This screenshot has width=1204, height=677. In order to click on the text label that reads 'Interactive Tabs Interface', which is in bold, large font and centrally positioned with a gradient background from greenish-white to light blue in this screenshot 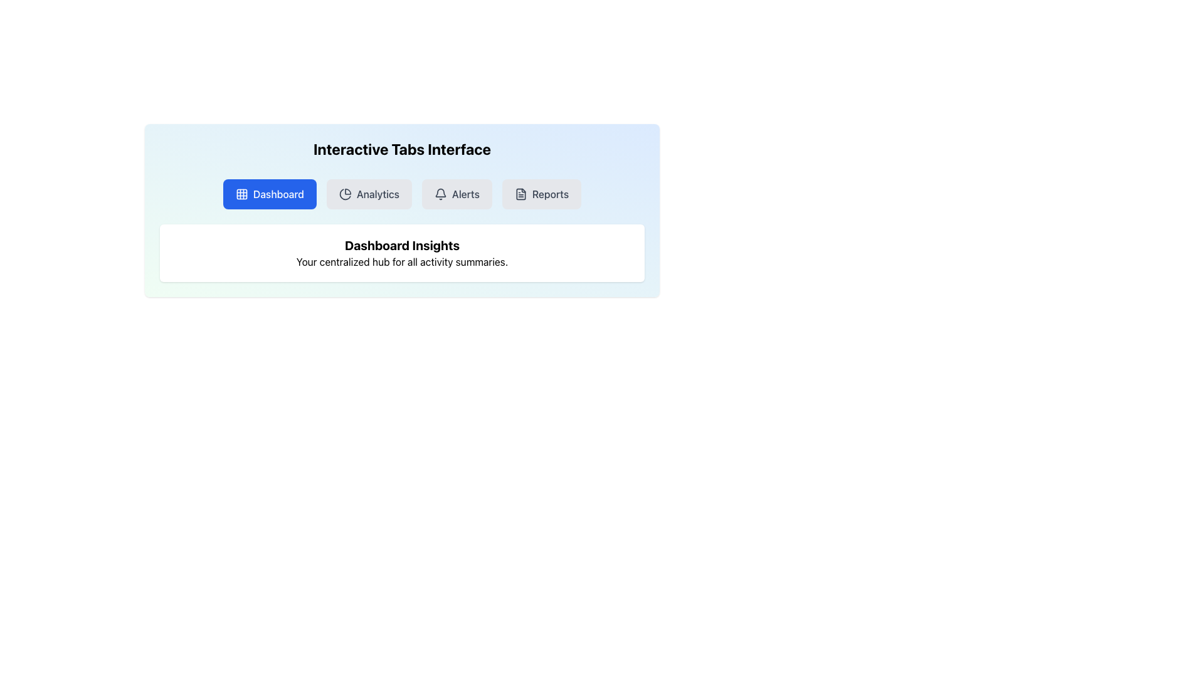, I will do `click(402, 149)`.